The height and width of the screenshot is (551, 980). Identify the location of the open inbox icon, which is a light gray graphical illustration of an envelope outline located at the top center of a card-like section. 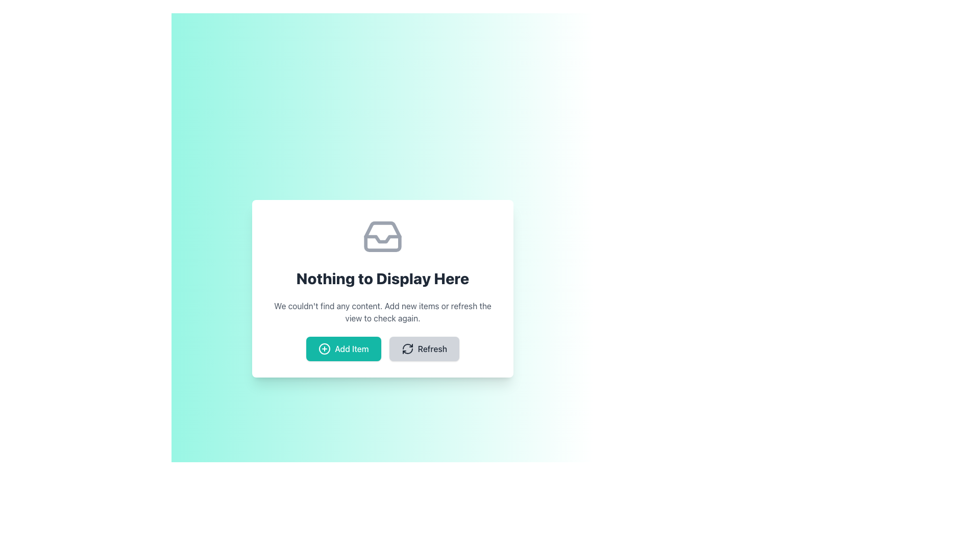
(382, 236).